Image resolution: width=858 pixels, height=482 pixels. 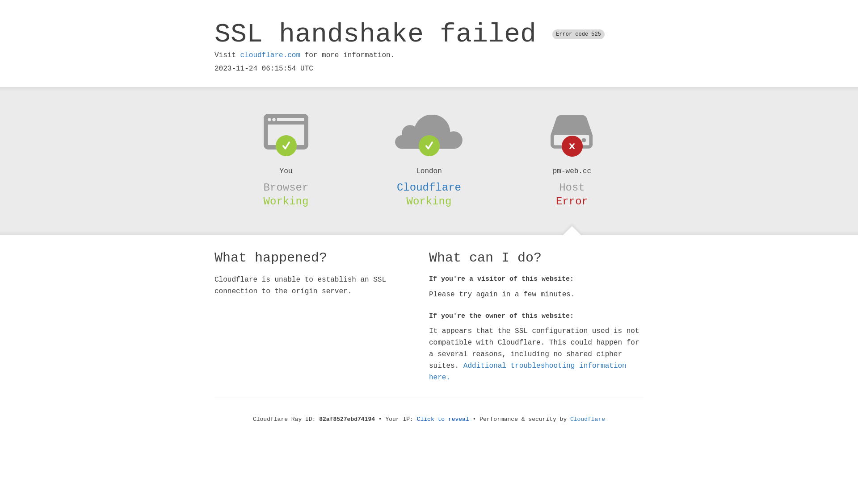 What do you see at coordinates (443, 419) in the screenshot?
I see `'Click to reveal'` at bounding box center [443, 419].